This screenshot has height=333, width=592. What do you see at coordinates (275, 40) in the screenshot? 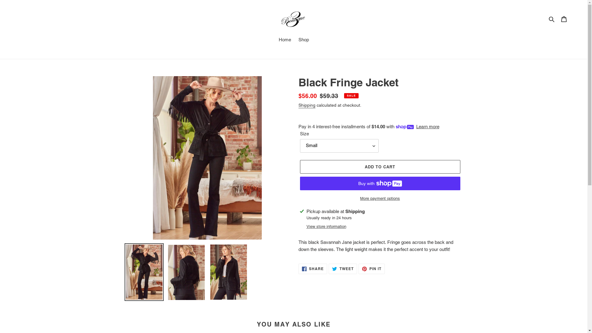
I see `'Home'` at bounding box center [275, 40].